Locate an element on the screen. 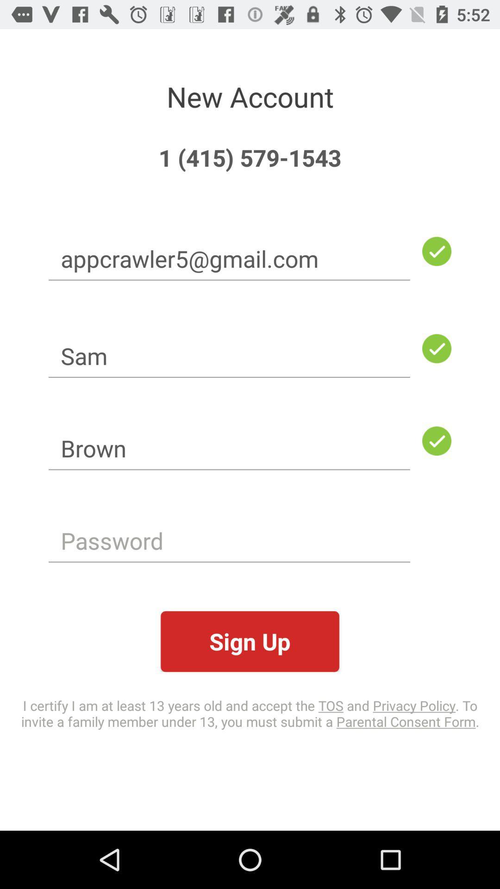 This screenshot has height=889, width=500. the item below the sign up item is located at coordinates (250, 713).